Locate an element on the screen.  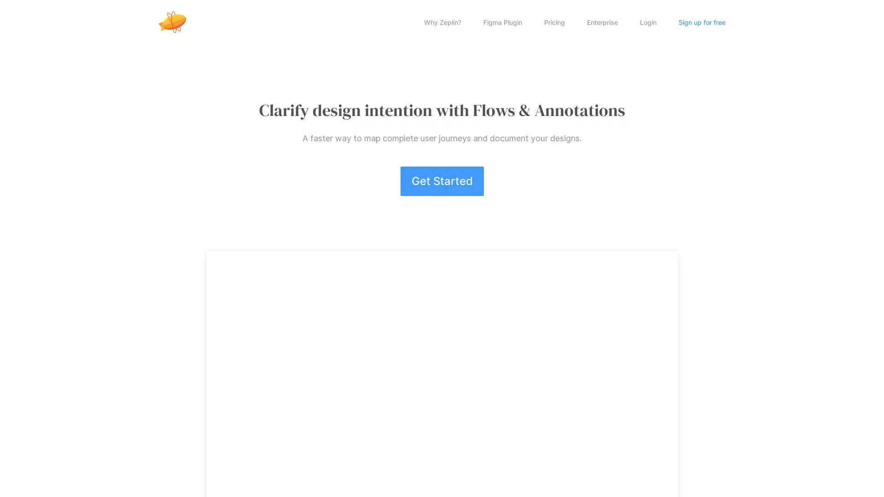
Open Intercom Messenger is located at coordinates (861, 474).